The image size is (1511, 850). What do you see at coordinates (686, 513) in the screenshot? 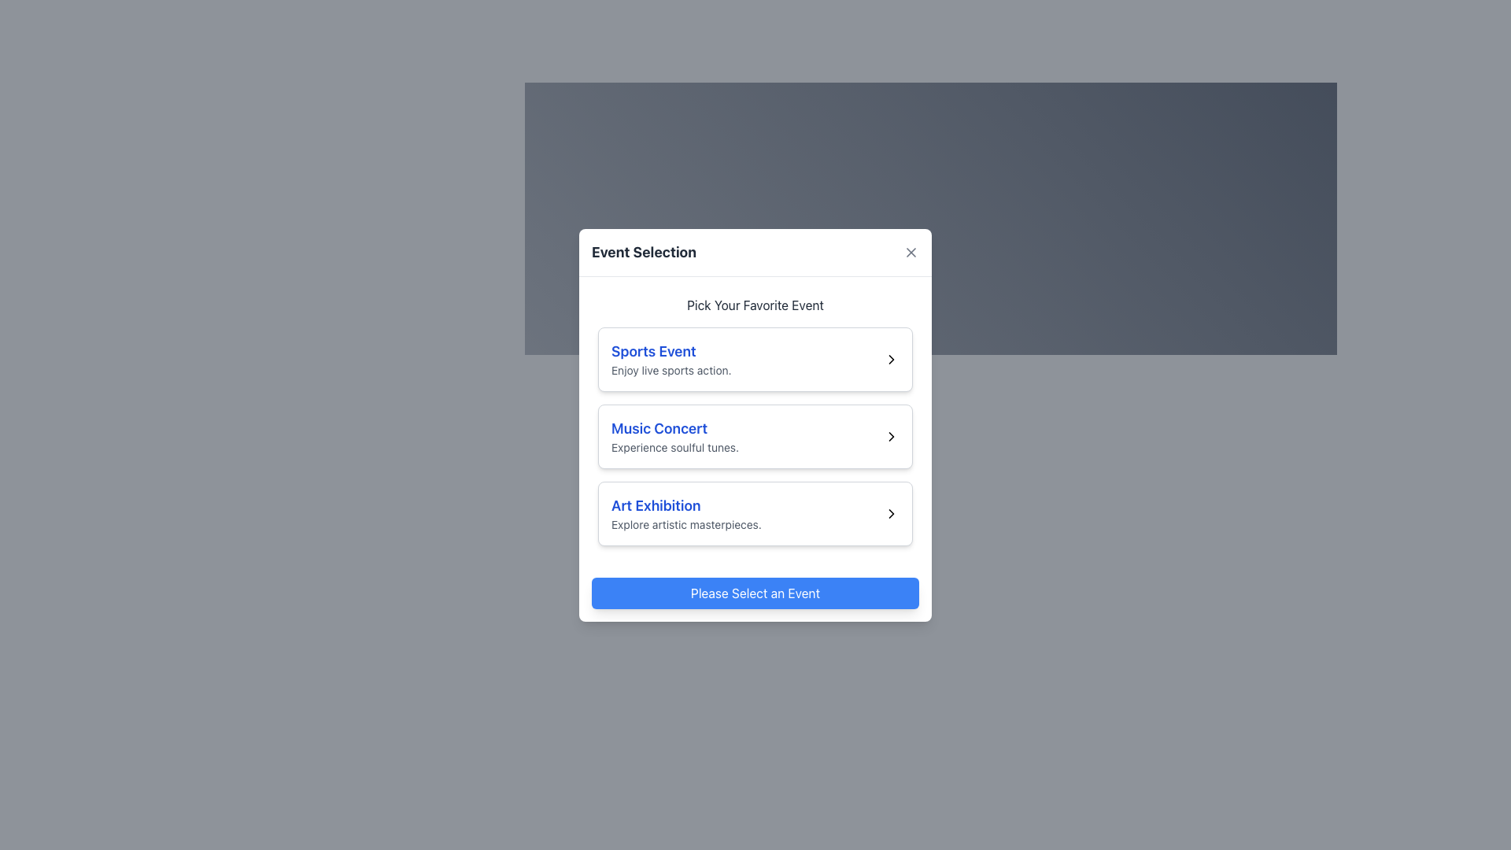
I see `the 'Art Exhibition' text option` at bounding box center [686, 513].